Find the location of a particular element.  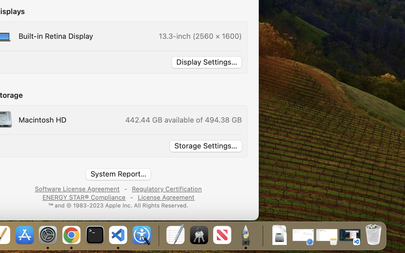

'13.3-inch (2560 × 1600)' is located at coordinates (200, 36).